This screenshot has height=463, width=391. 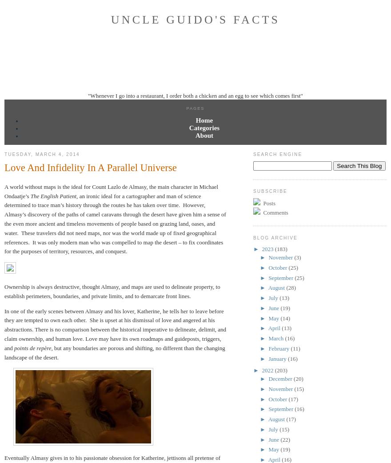 What do you see at coordinates (281, 248) in the screenshot?
I see `'(183)'` at bounding box center [281, 248].